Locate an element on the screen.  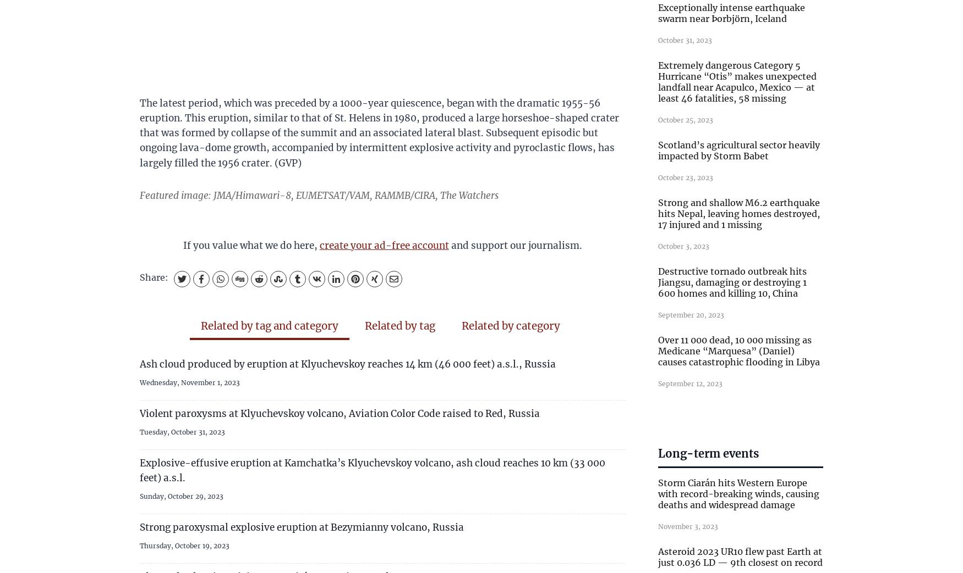
'Thursday, October 19, 2023' is located at coordinates (139, 546).